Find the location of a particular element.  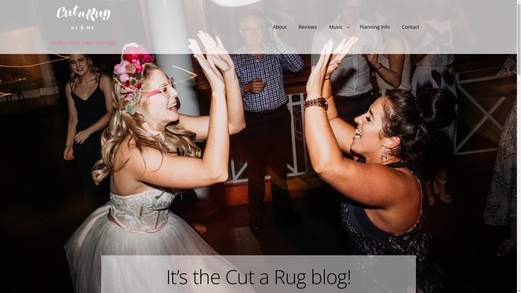

'Music' is located at coordinates (338, 27).